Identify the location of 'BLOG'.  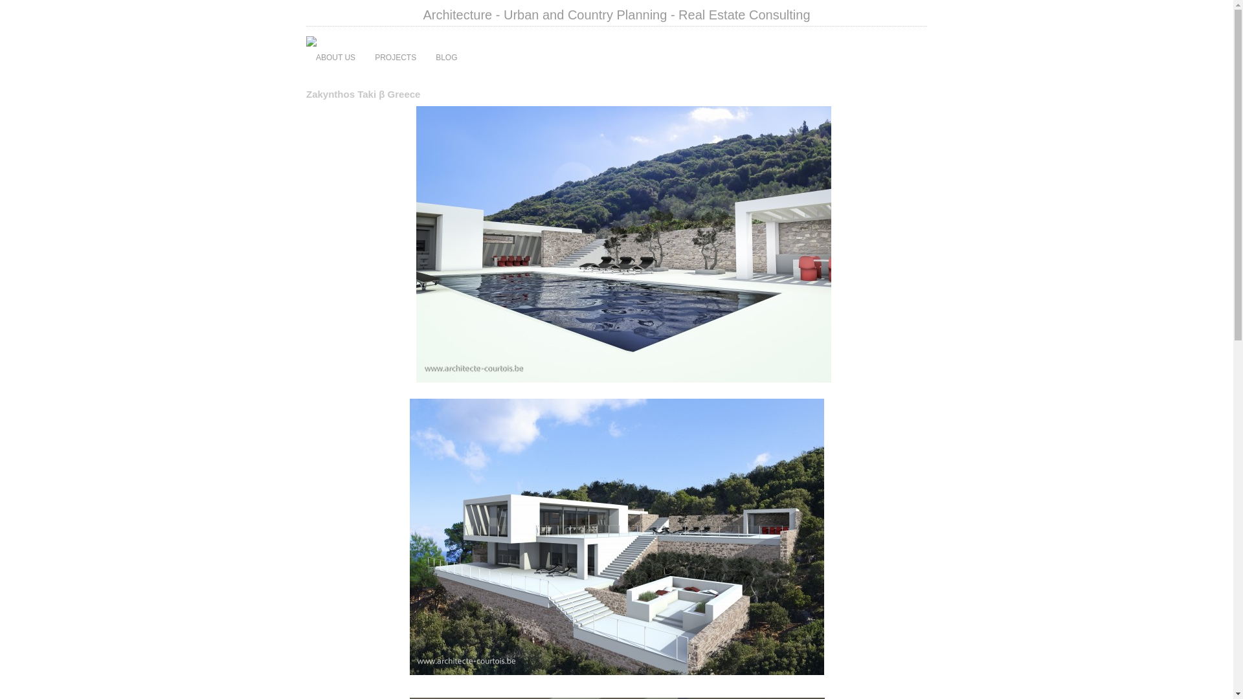
(446, 56).